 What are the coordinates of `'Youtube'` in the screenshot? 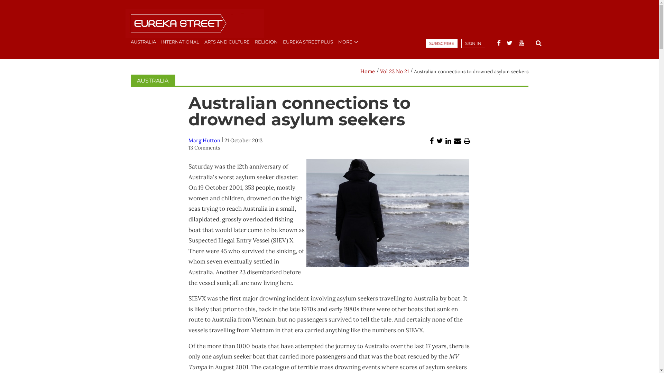 It's located at (521, 43).